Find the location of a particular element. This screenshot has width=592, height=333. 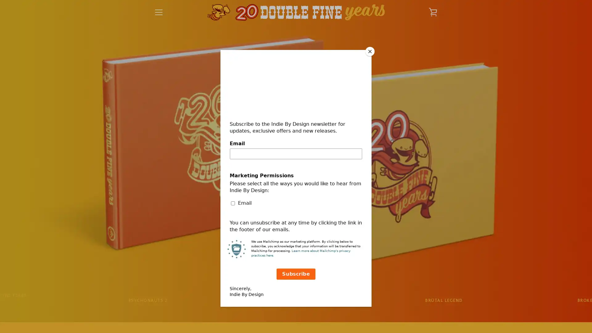

Shop now is located at coordinates (296, 197).